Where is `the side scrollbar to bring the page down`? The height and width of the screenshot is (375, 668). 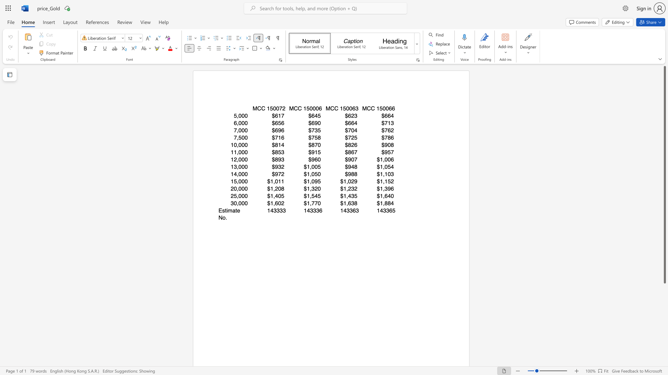 the side scrollbar to bring the page down is located at coordinates (664, 344).